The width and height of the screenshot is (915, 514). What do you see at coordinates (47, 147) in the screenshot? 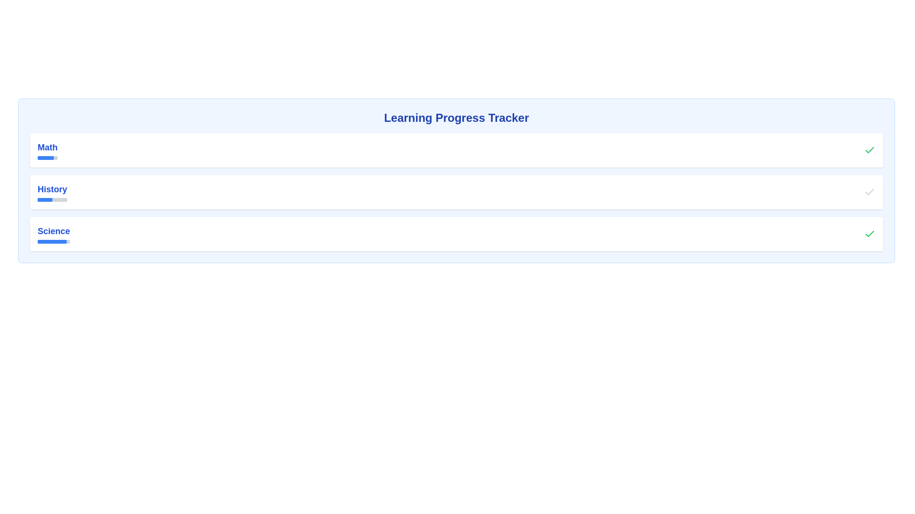
I see `text from the 'Math' text label, which is a prominent blue label positioned above a progress bar in the top left section of the page` at bounding box center [47, 147].